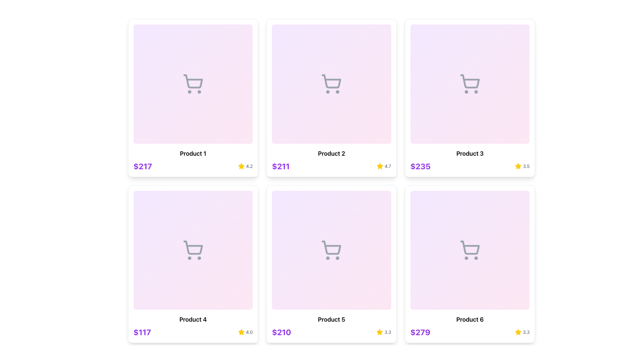  Describe the element at coordinates (380, 166) in the screenshot. I see `the active star icon representing a rating for 'Product 2', located in the bottom-right corner of the product description card` at that location.